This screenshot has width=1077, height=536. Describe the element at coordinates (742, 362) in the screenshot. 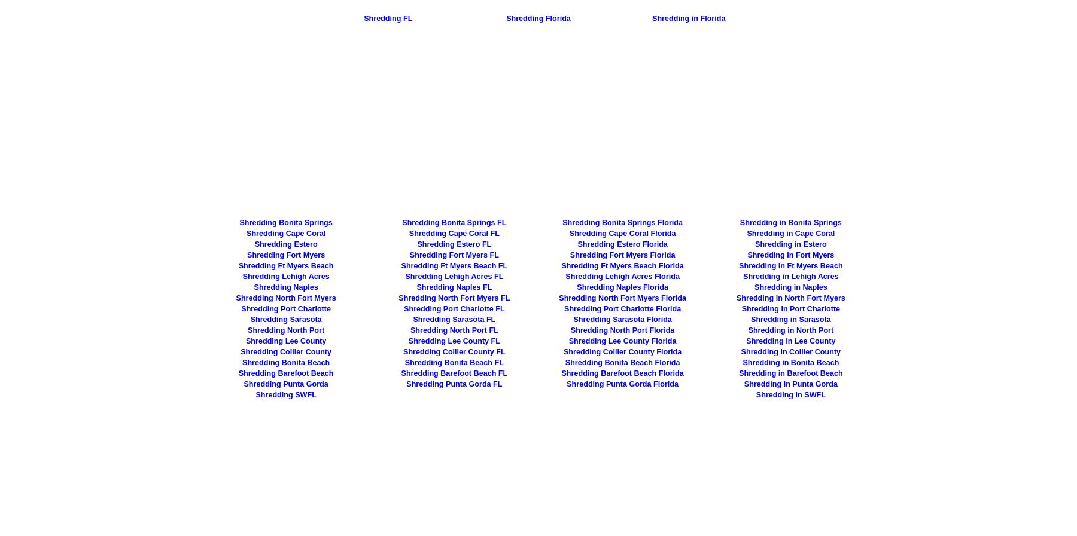

I see `'Shredding in Bonita Beach'` at that location.